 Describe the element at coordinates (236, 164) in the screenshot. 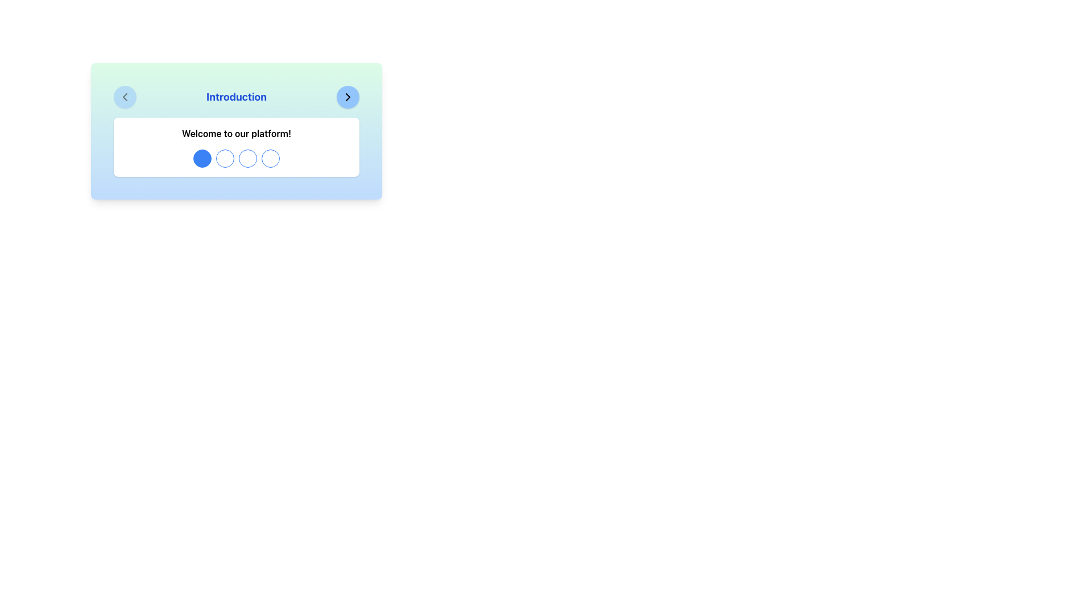

I see `the Interactive Circle Indicator, which is a clickable white circle with a thin blue border located in the middle of the interface beneath the welcome message` at that location.